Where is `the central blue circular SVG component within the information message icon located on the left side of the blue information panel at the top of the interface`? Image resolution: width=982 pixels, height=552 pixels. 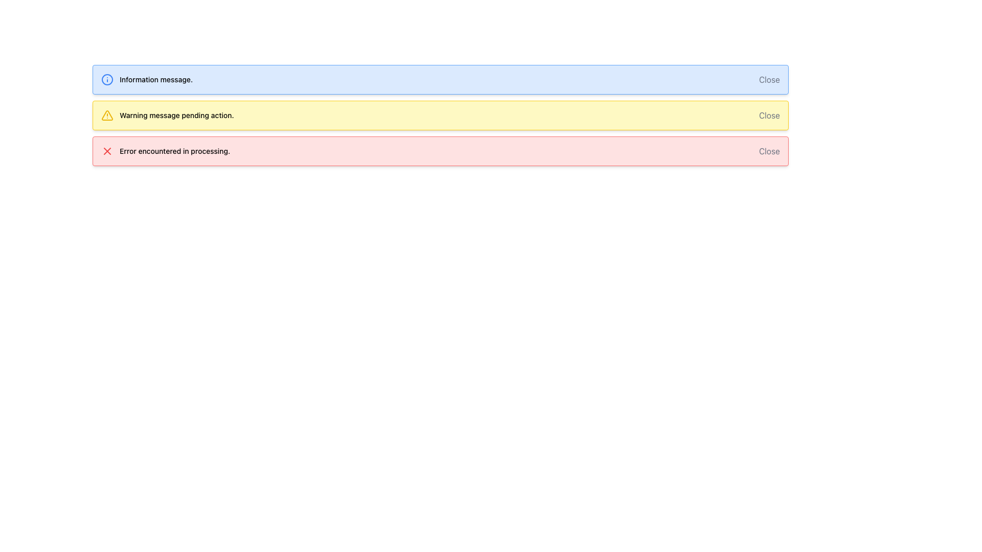
the central blue circular SVG component within the information message icon located on the left side of the blue information panel at the top of the interface is located at coordinates (107, 79).